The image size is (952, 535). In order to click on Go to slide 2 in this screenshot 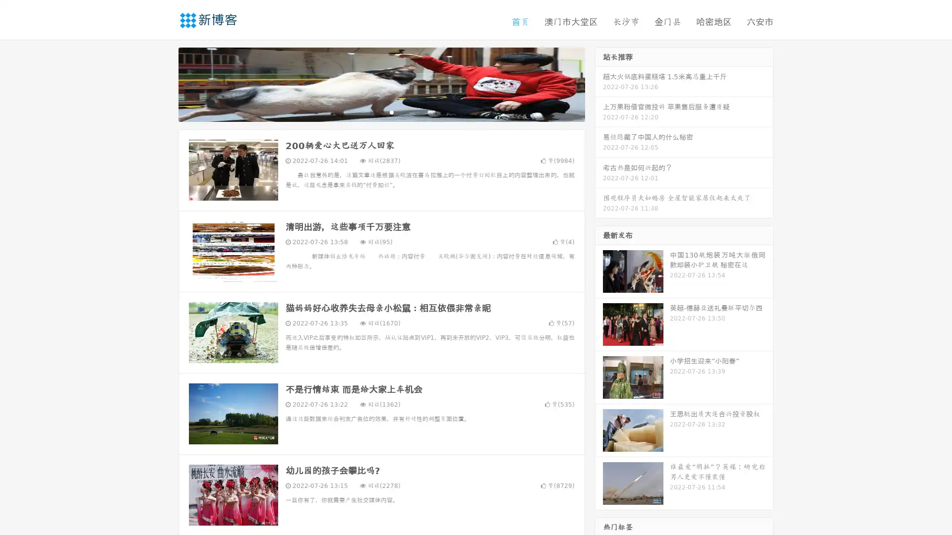, I will do `click(381, 111)`.